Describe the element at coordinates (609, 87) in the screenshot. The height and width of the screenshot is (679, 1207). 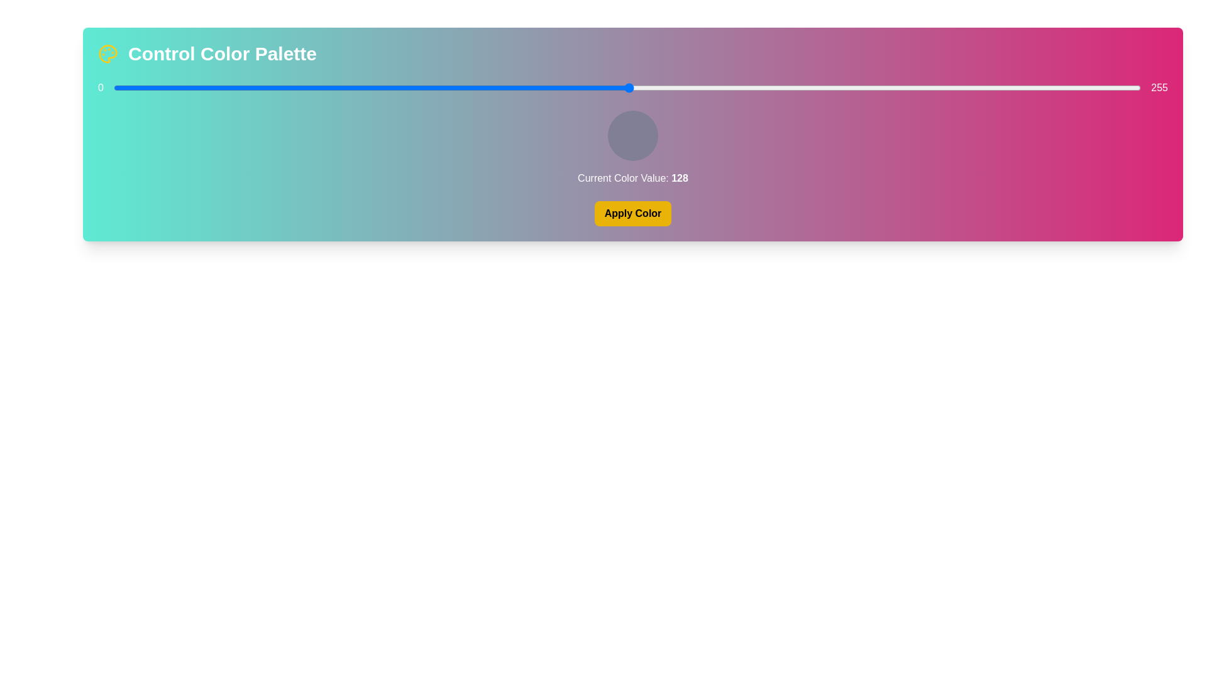
I see `the color slider to set the color value to 123` at that location.